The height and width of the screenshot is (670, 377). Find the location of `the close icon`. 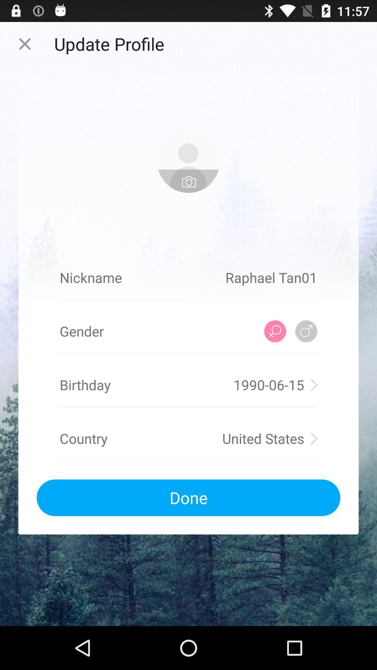

the close icon is located at coordinates (24, 46).